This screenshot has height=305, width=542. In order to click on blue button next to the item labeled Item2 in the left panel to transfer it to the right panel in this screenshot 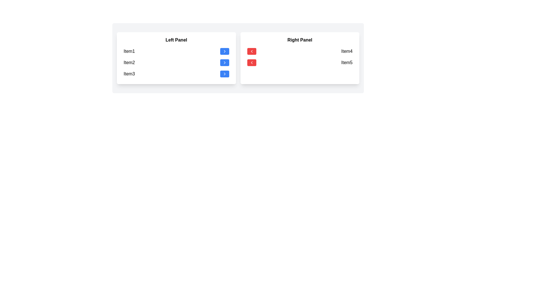, I will do `click(224, 63)`.